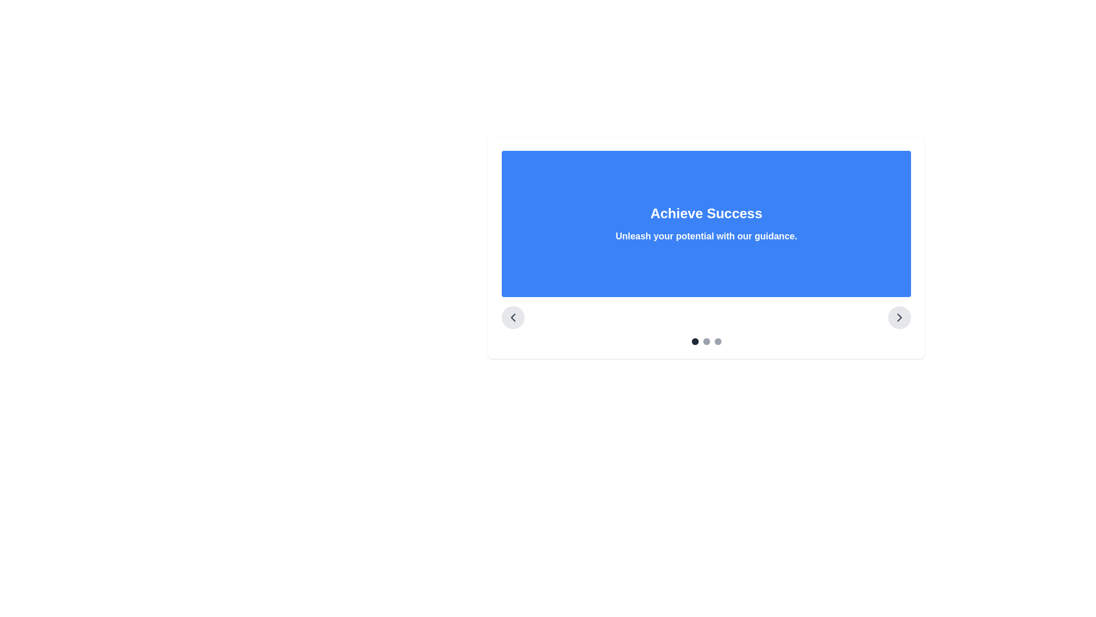 The height and width of the screenshot is (617, 1096). What do you see at coordinates (706, 224) in the screenshot?
I see `text content of the text block titled 'Achieve Success' with the subtitle 'Unleash your potential with our guidance.' located in the center of the blue rectangular background` at bounding box center [706, 224].